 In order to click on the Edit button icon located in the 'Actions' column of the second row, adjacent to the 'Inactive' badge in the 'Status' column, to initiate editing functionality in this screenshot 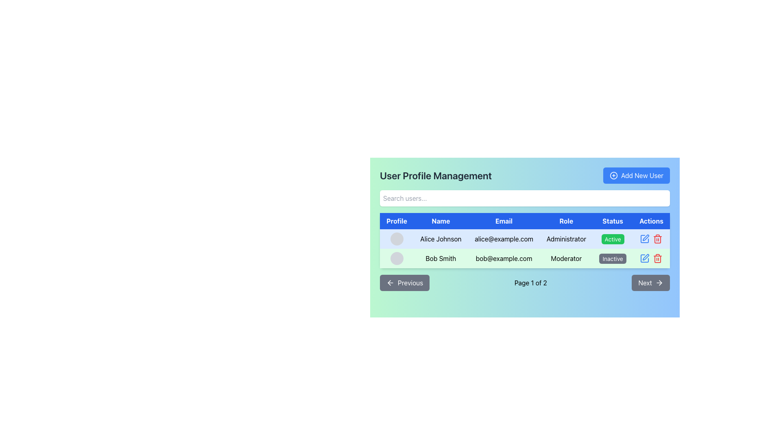, I will do `click(644, 259)`.